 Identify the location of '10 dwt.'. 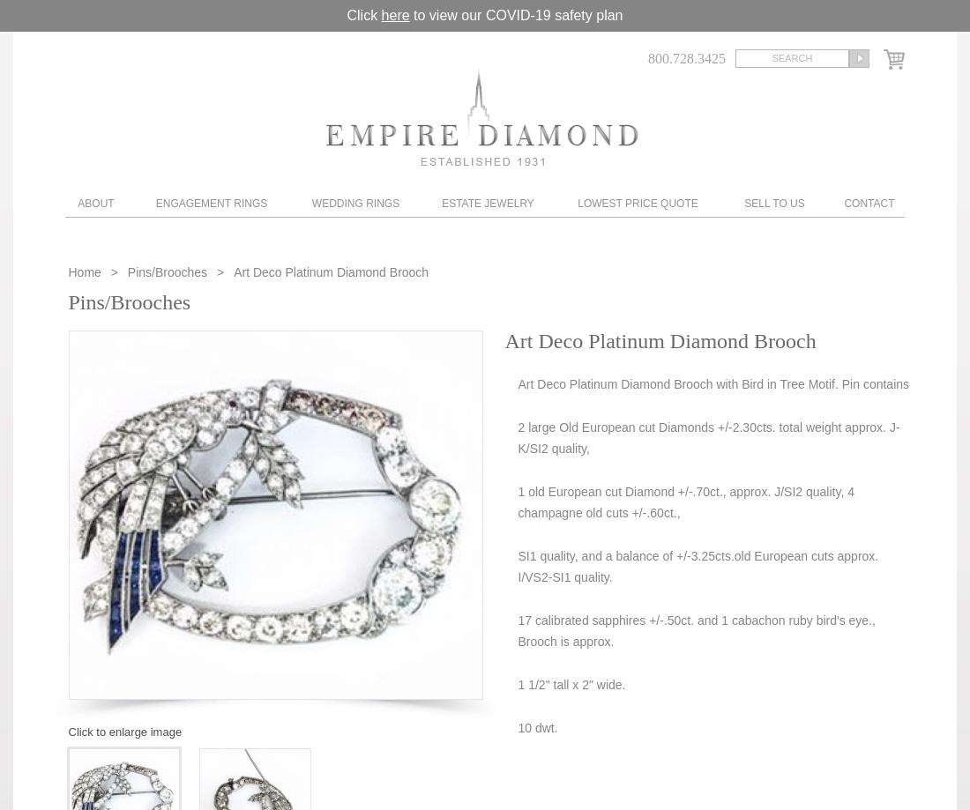
(516, 727).